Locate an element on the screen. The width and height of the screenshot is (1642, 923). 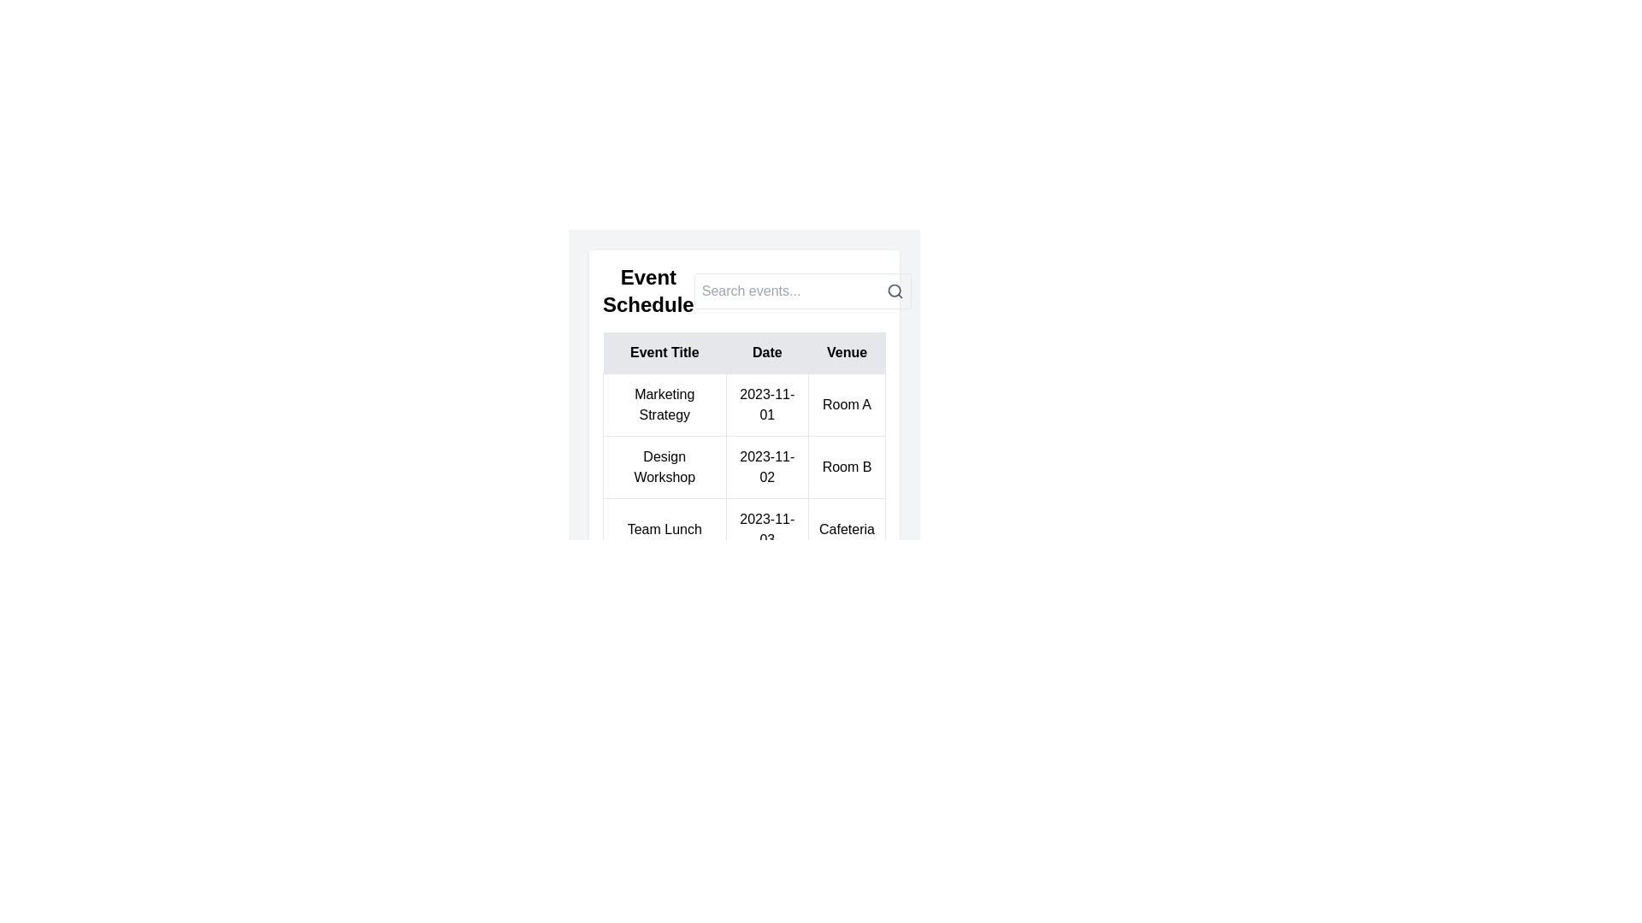
the search icon located immediately to the right of the text input field labeled 'Search events...' to initiate a search is located at coordinates (894, 290).